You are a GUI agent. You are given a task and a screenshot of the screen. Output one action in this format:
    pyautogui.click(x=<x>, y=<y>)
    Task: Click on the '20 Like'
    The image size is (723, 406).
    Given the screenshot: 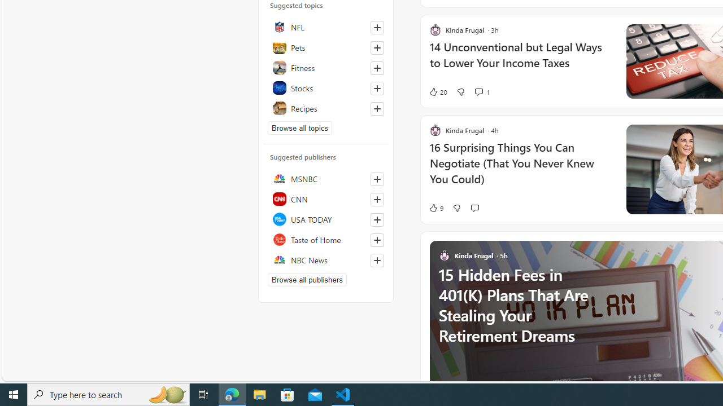 What is the action you would take?
    pyautogui.click(x=437, y=91)
    